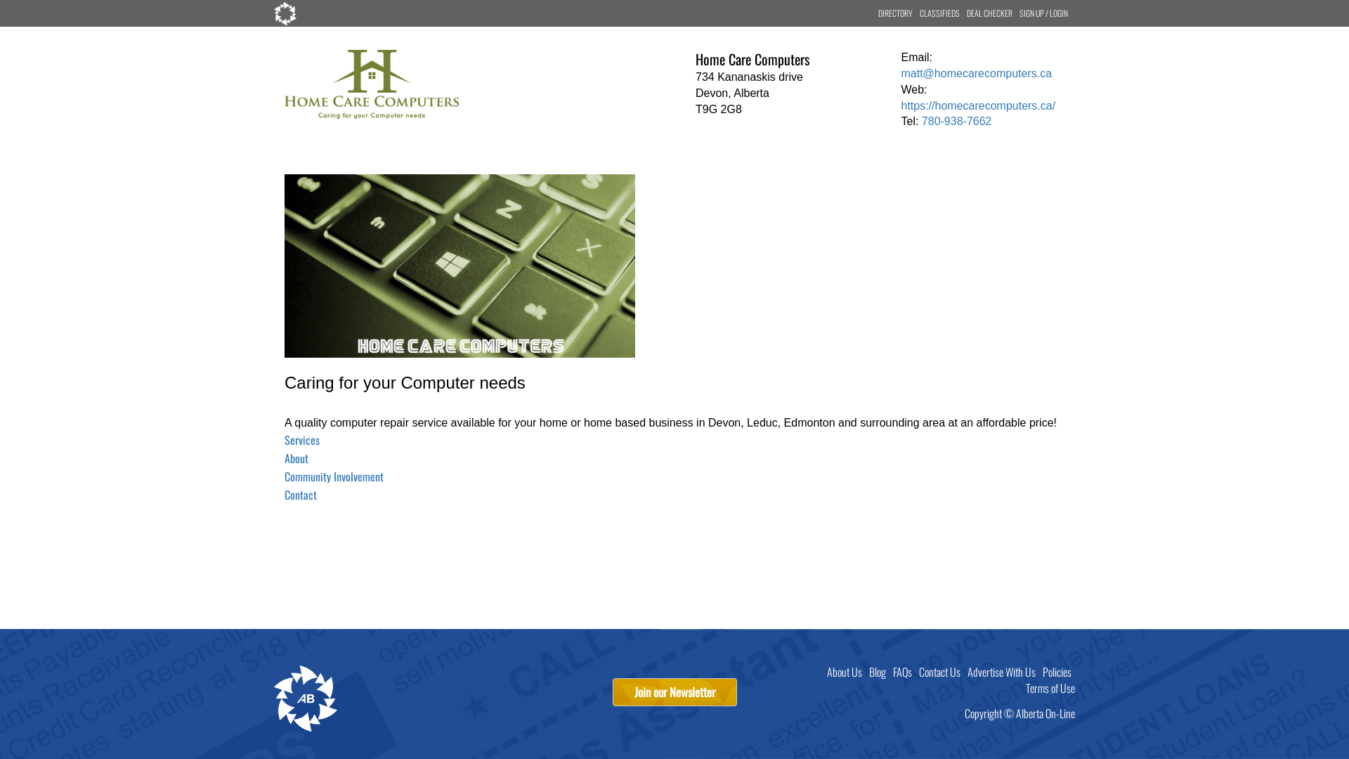  What do you see at coordinates (902, 671) in the screenshot?
I see `'FAQs'` at bounding box center [902, 671].